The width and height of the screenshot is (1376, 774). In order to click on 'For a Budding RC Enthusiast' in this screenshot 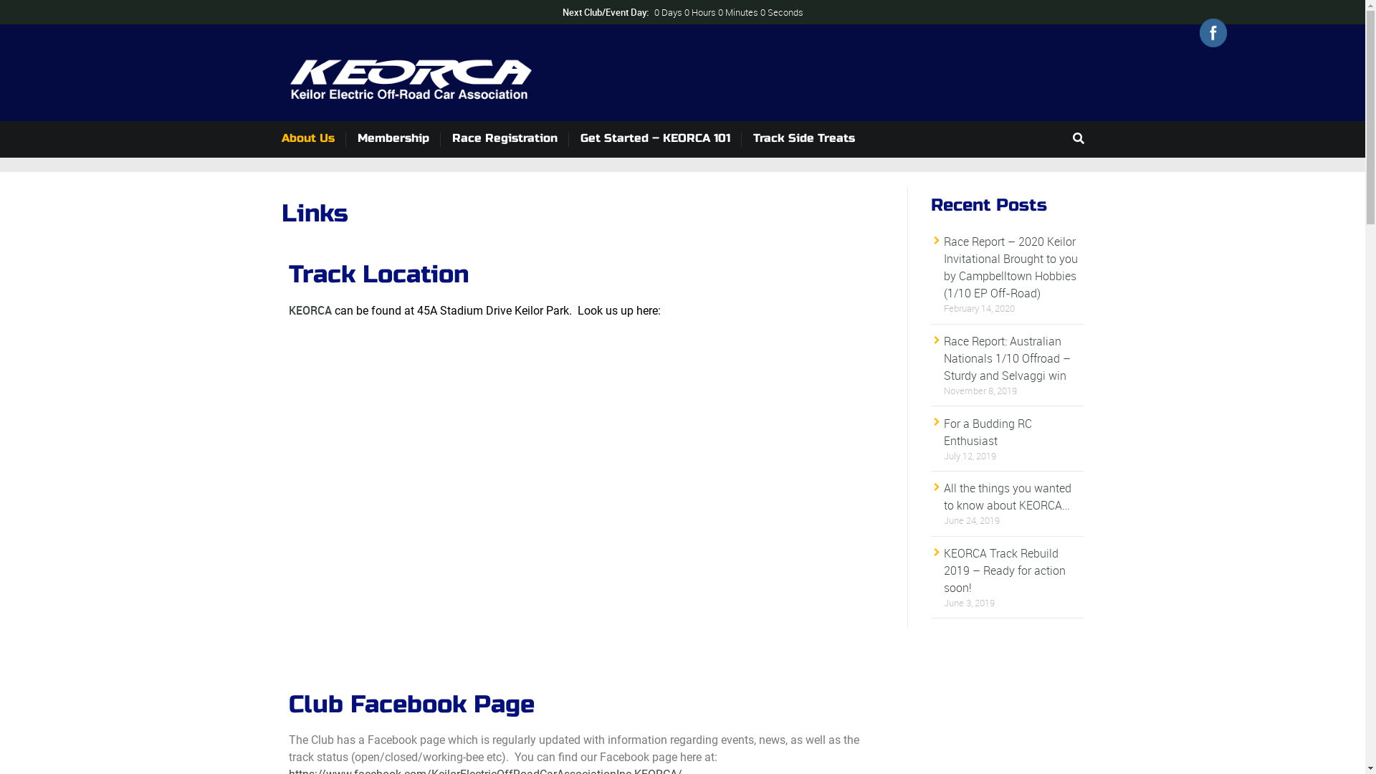, I will do `click(987, 431)`.